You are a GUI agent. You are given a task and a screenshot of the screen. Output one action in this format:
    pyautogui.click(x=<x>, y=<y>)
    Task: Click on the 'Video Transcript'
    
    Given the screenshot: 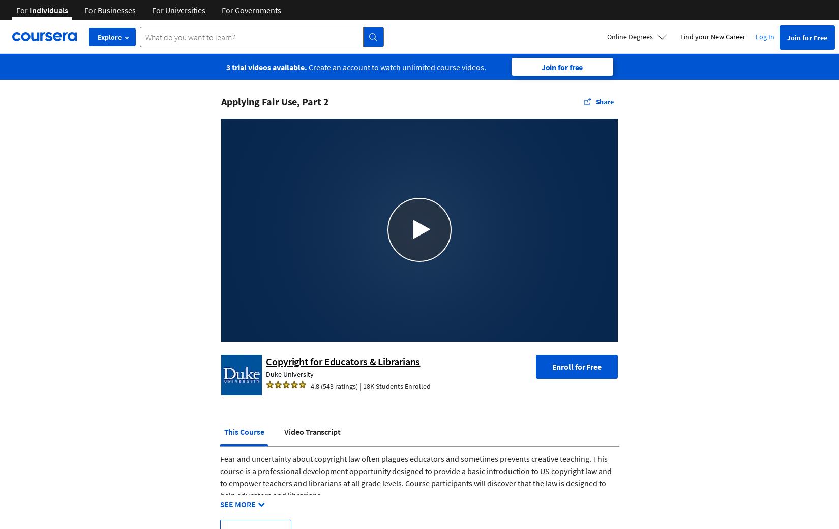 What is the action you would take?
    pyautogui.click(x=311, y=431)
    